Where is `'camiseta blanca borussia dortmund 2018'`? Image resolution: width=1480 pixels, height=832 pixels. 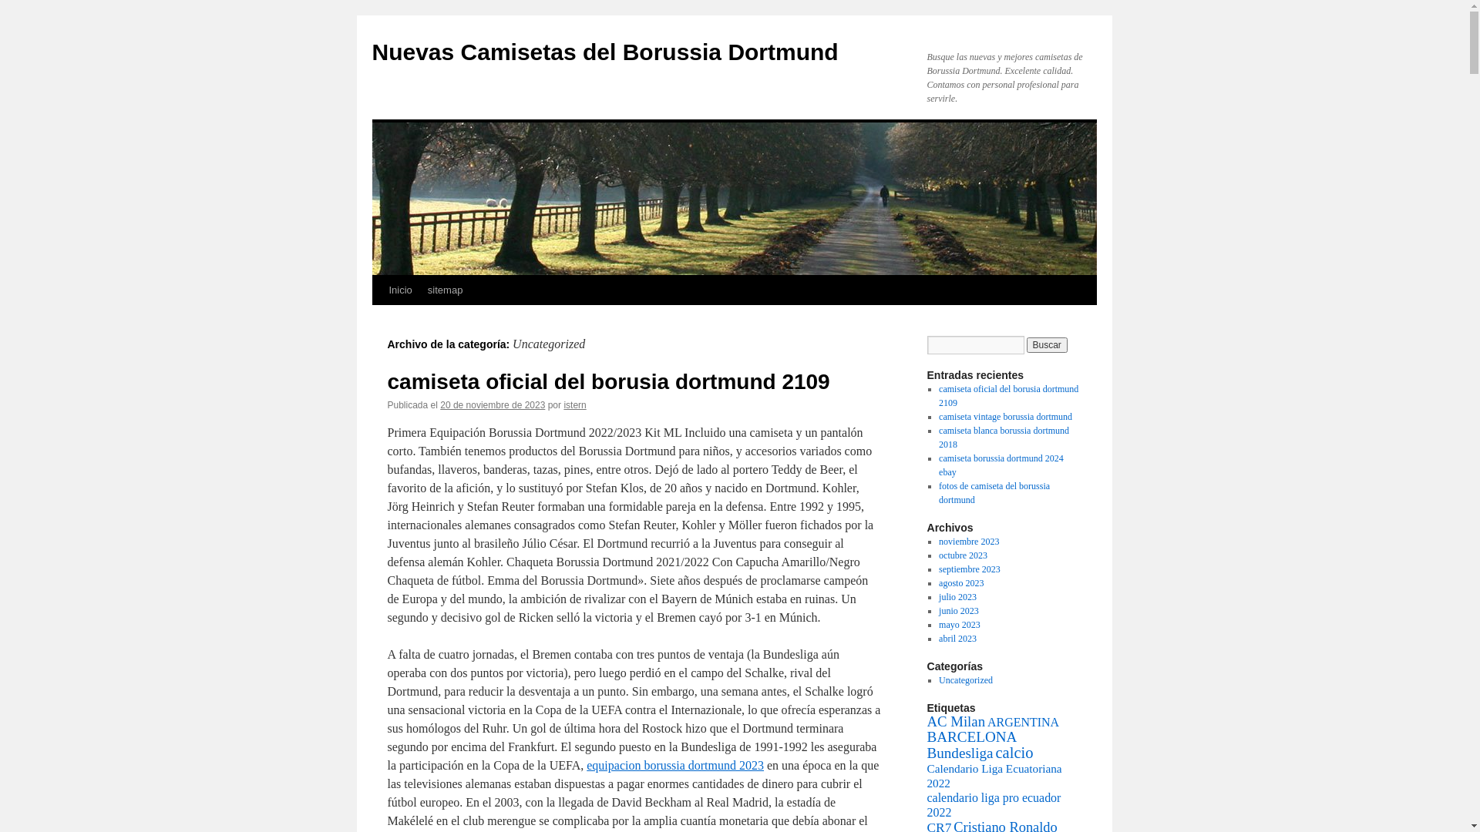 'camiseta blanca borussia dortmund 2018' is located at coordinates (1004, 437).